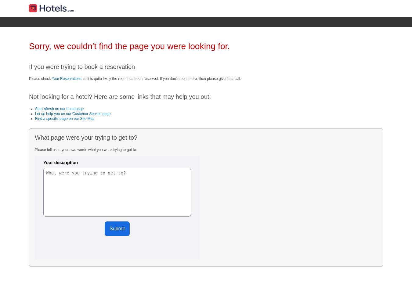 The width and height of the screenshot is (412, 305). Describe the element at coordinates (64, 119) in the screenshot. I see `'Find a specific page on our Site Map'` at that location.